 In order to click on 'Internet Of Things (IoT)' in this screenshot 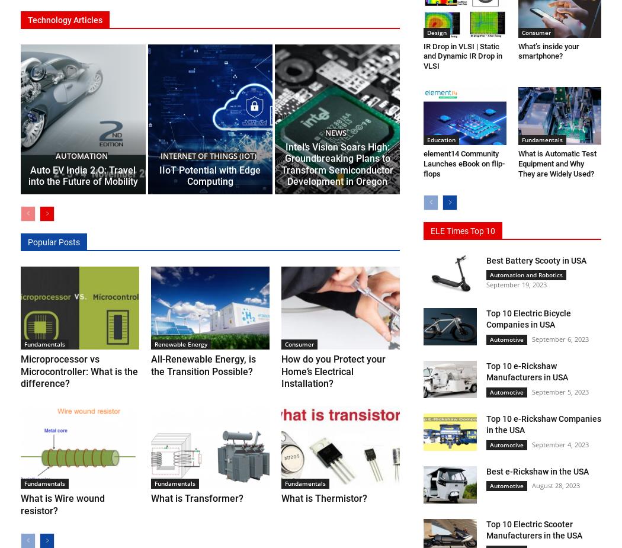, I will do `click(207, 155)`.